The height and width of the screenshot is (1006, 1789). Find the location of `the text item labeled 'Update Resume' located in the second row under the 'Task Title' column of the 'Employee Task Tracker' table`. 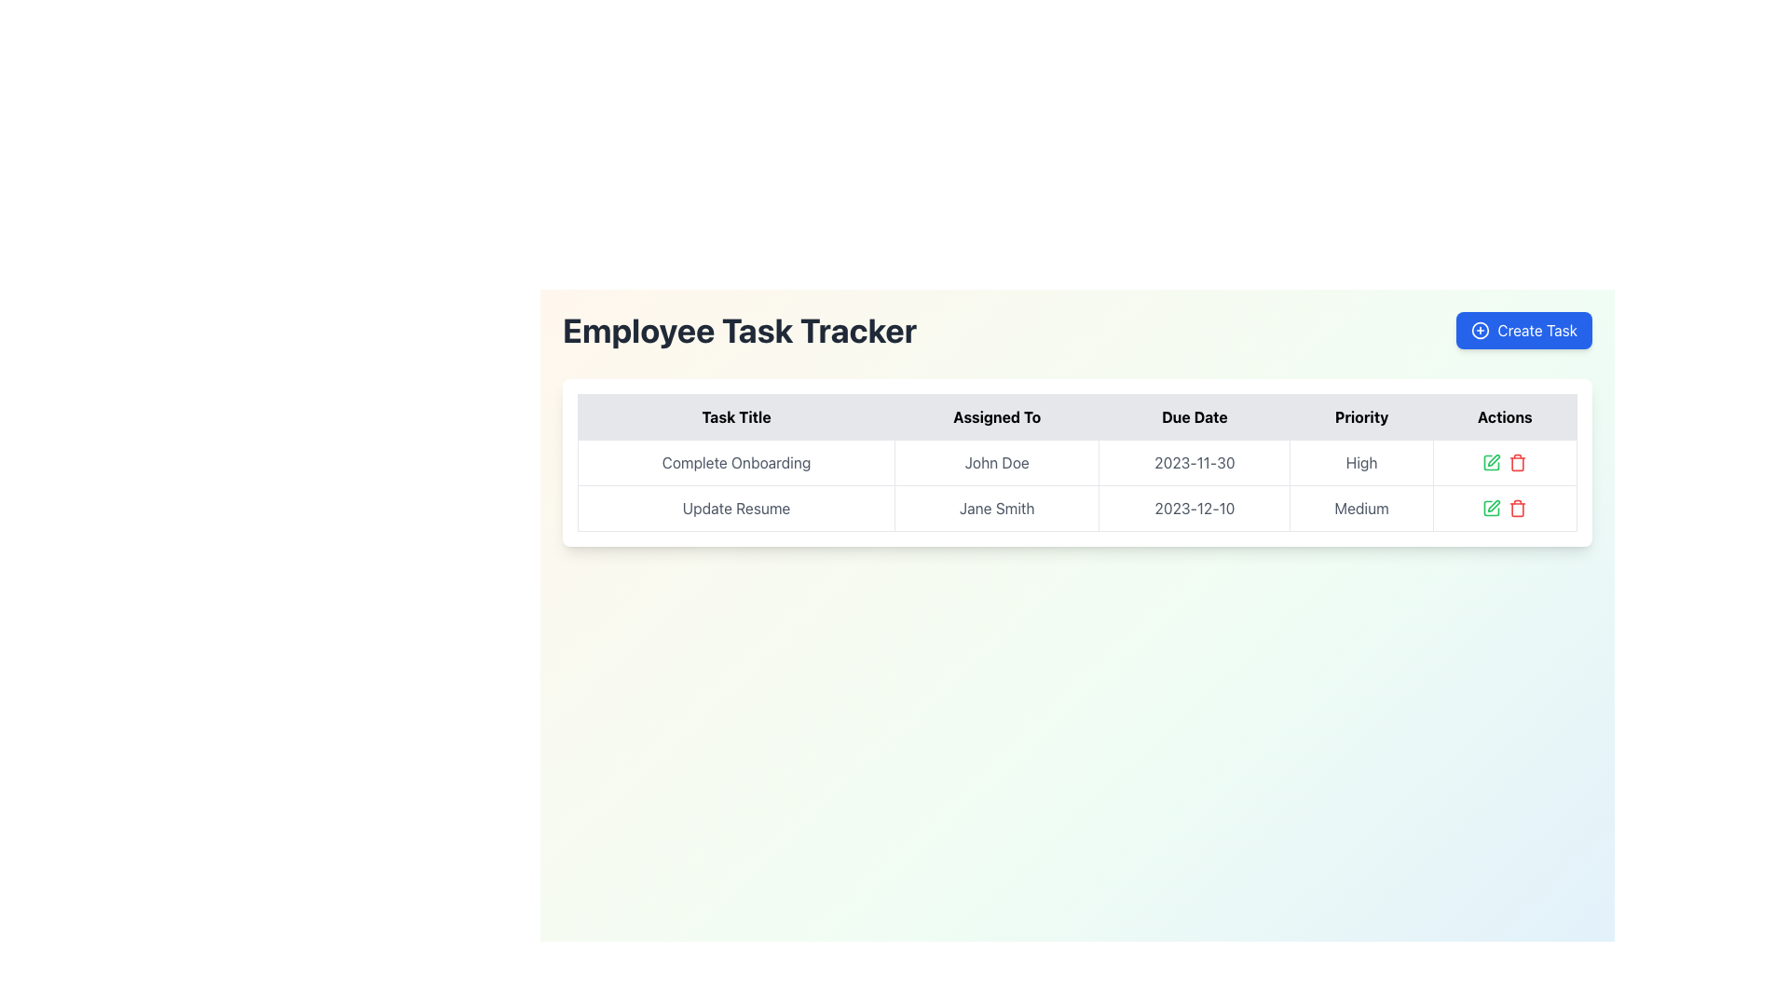

the text item labeled 'Update Resume' located in the second row under the 'Task Title' column of the 'Employee Task Tracker' table is located at coordinates (735, 509).